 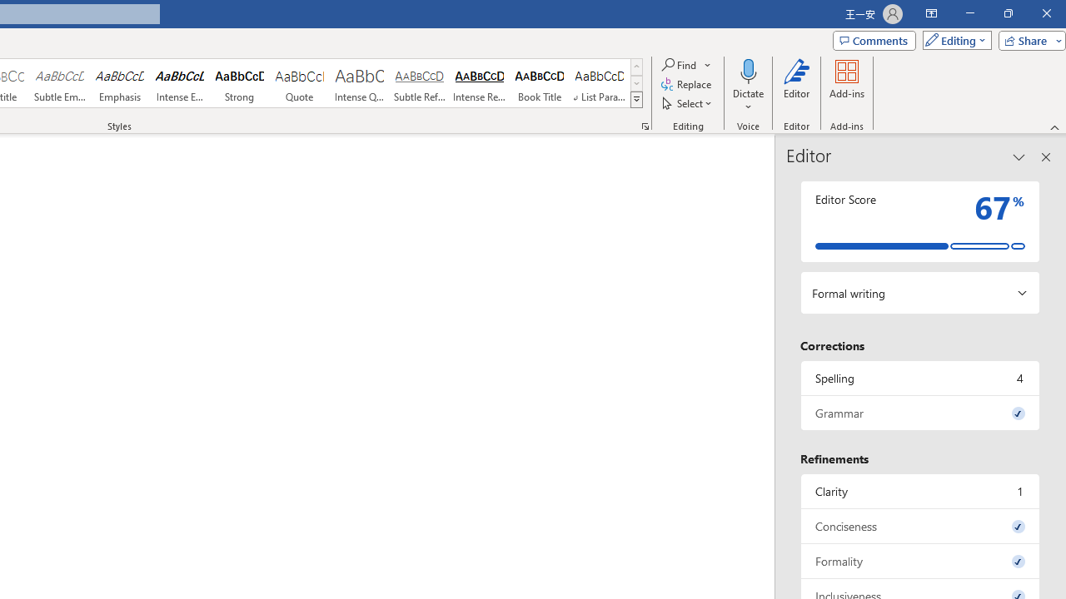 What do you see at coordinates (479, 83) in the screenshot?
I see `'Intense Reference'` at bounding box center [479, 83].